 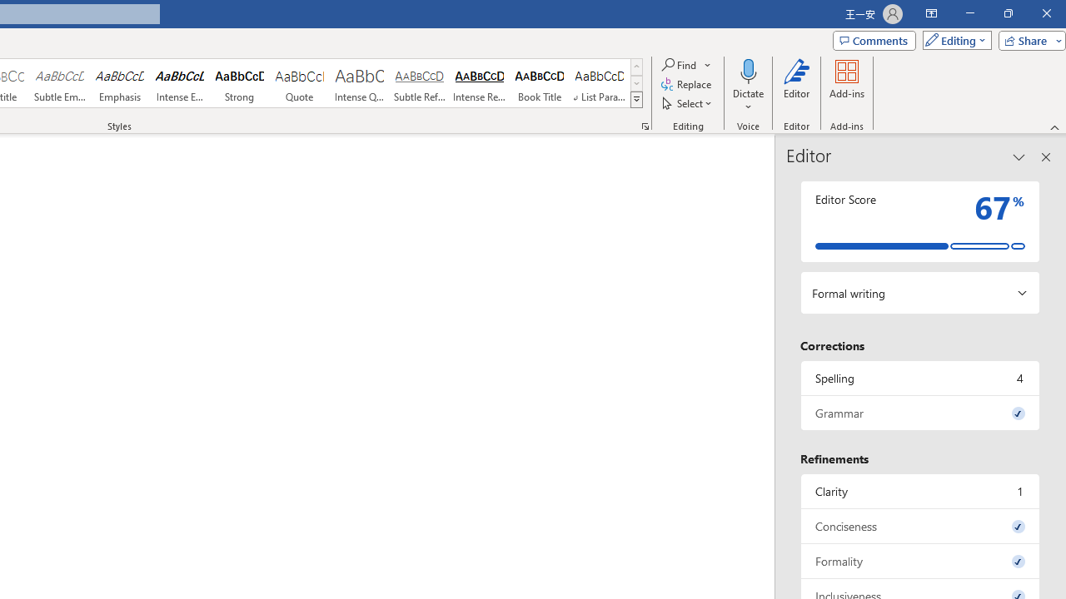 What do you see at coordinates (479, 83) in the screenshot?
I see `'Intense Reference'` at bounding box center [479, 83].